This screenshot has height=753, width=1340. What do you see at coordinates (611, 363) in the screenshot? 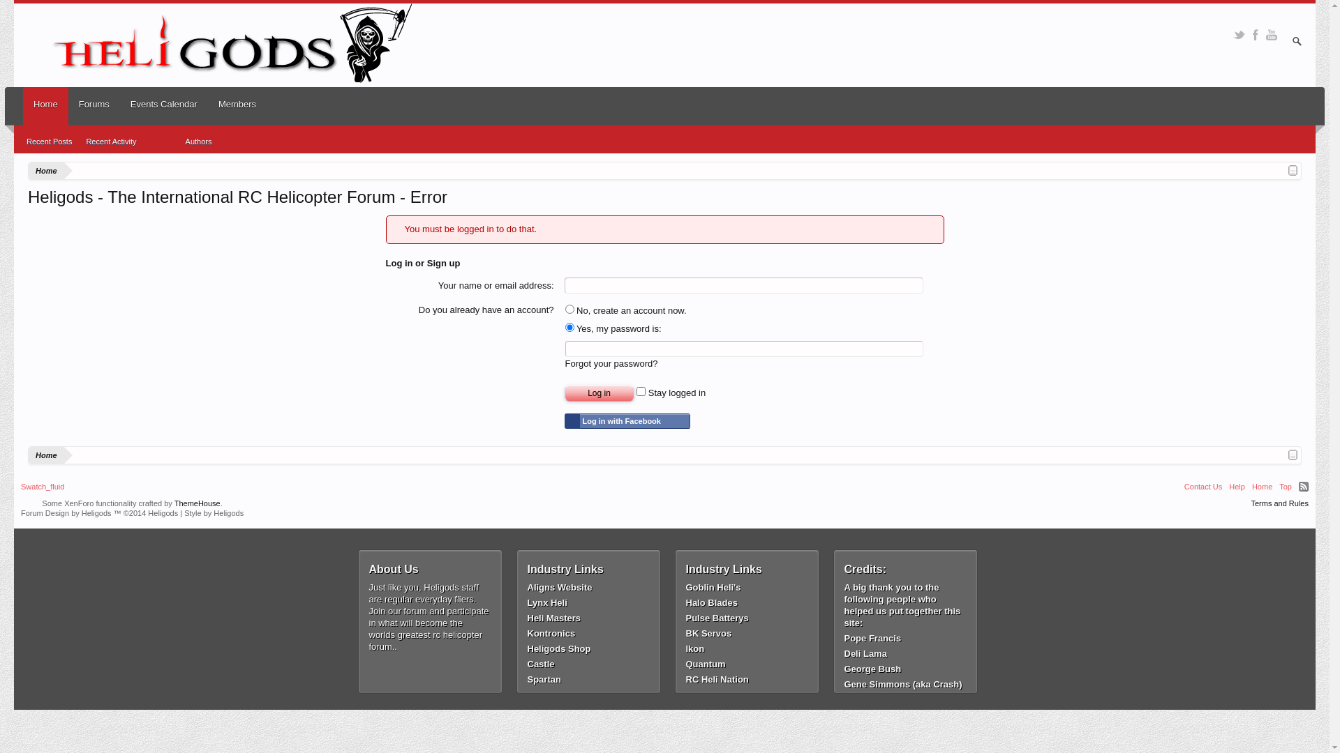
I see `'Forgot your password?'` at bounding box center [611, 363].